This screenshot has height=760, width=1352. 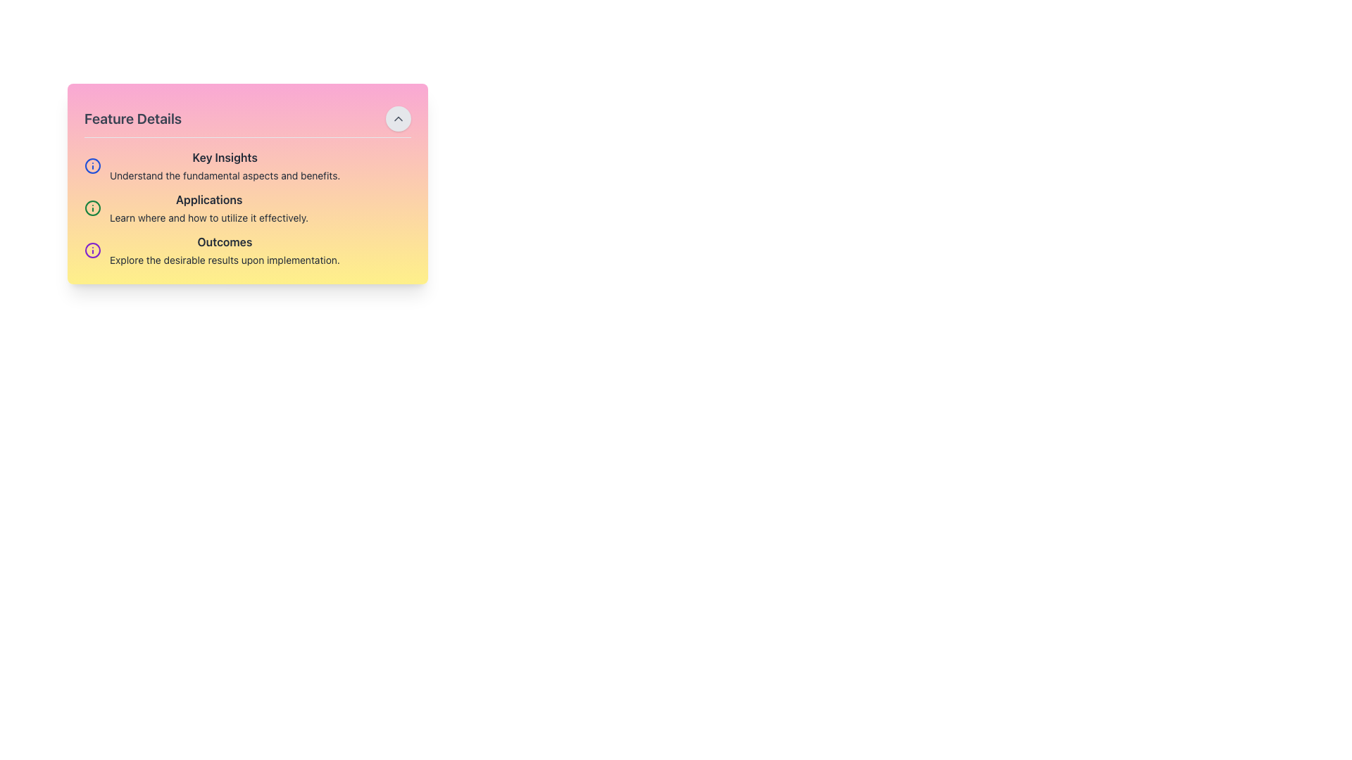 I want to click on the design and color of the icon in the 'Outcomes' section, located to the left of the 'Outcomes' title text, so click(x=92, y=249).